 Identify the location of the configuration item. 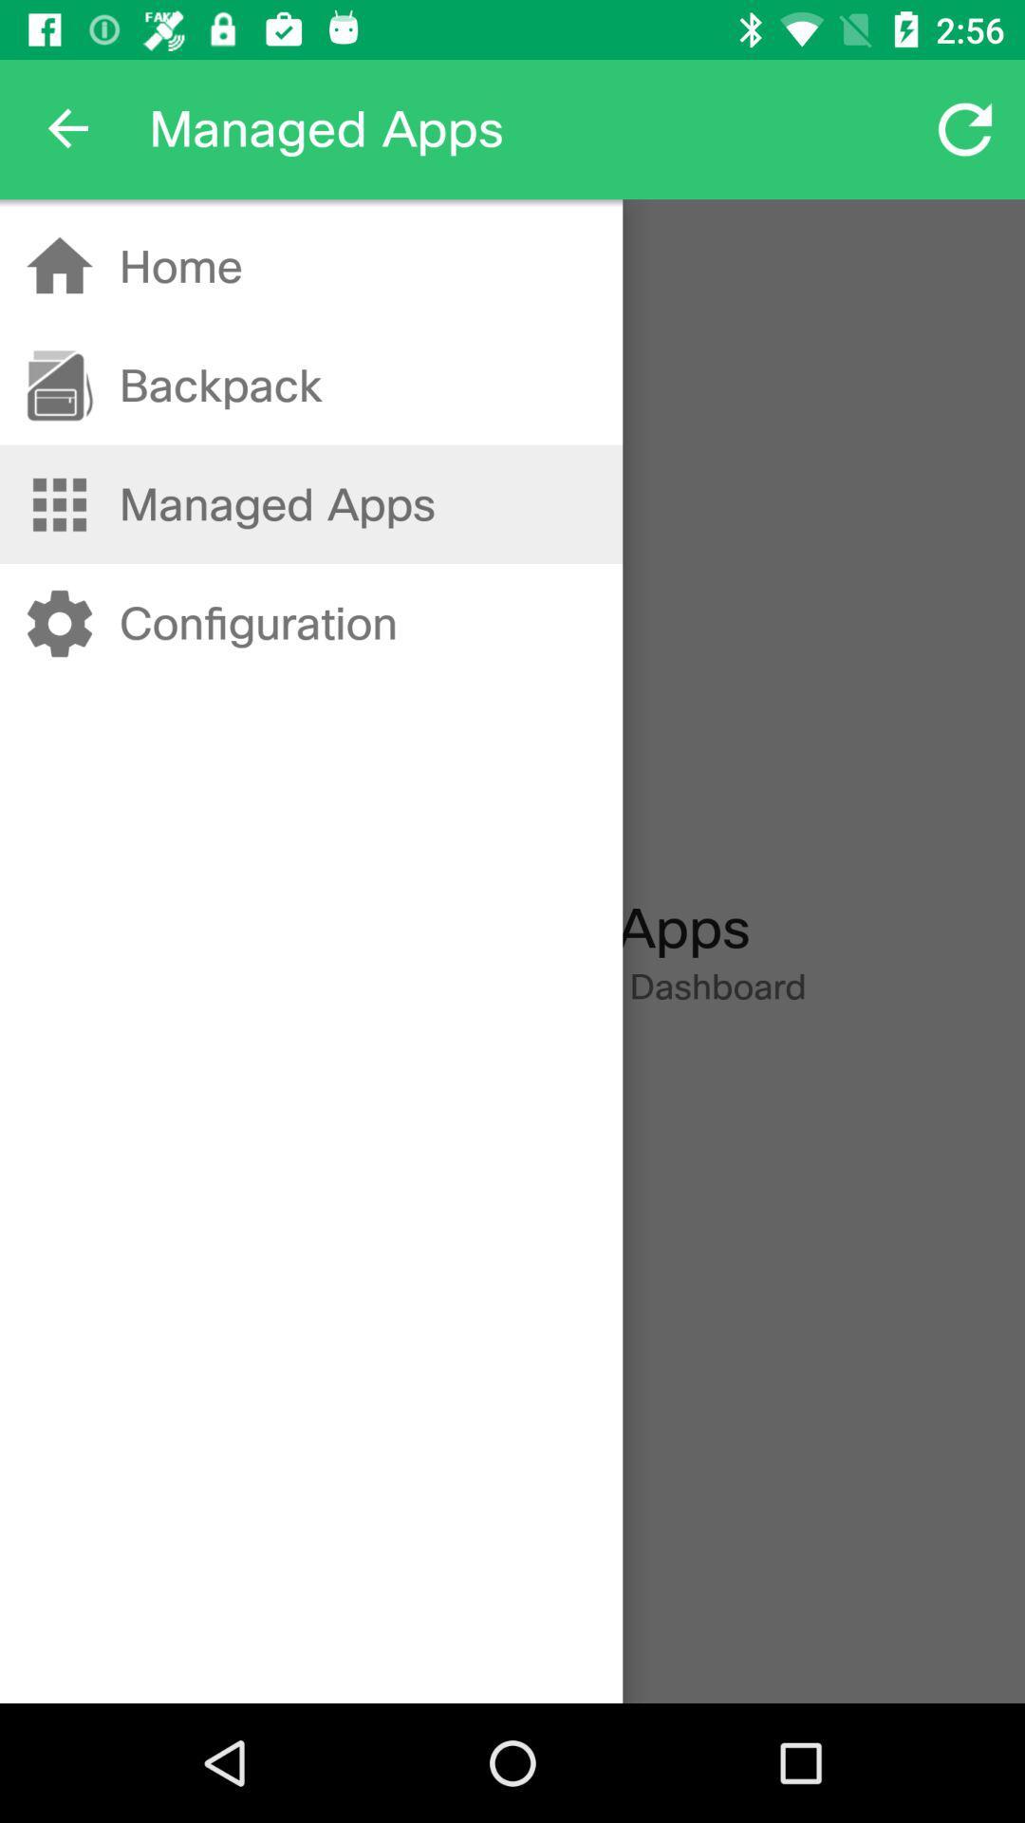
(258, 624).